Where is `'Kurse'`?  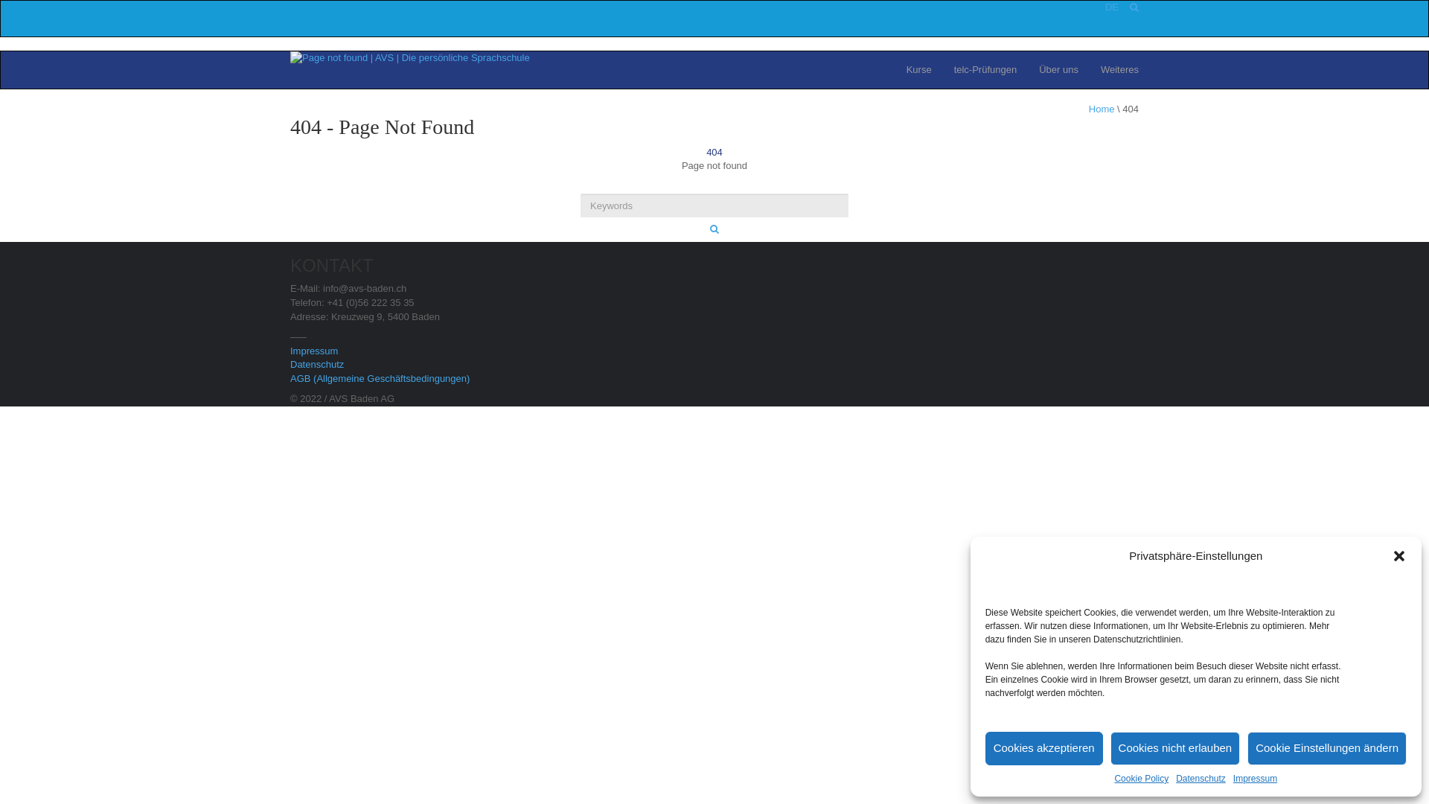 'Kurse' is located at coordinates (918, 69).